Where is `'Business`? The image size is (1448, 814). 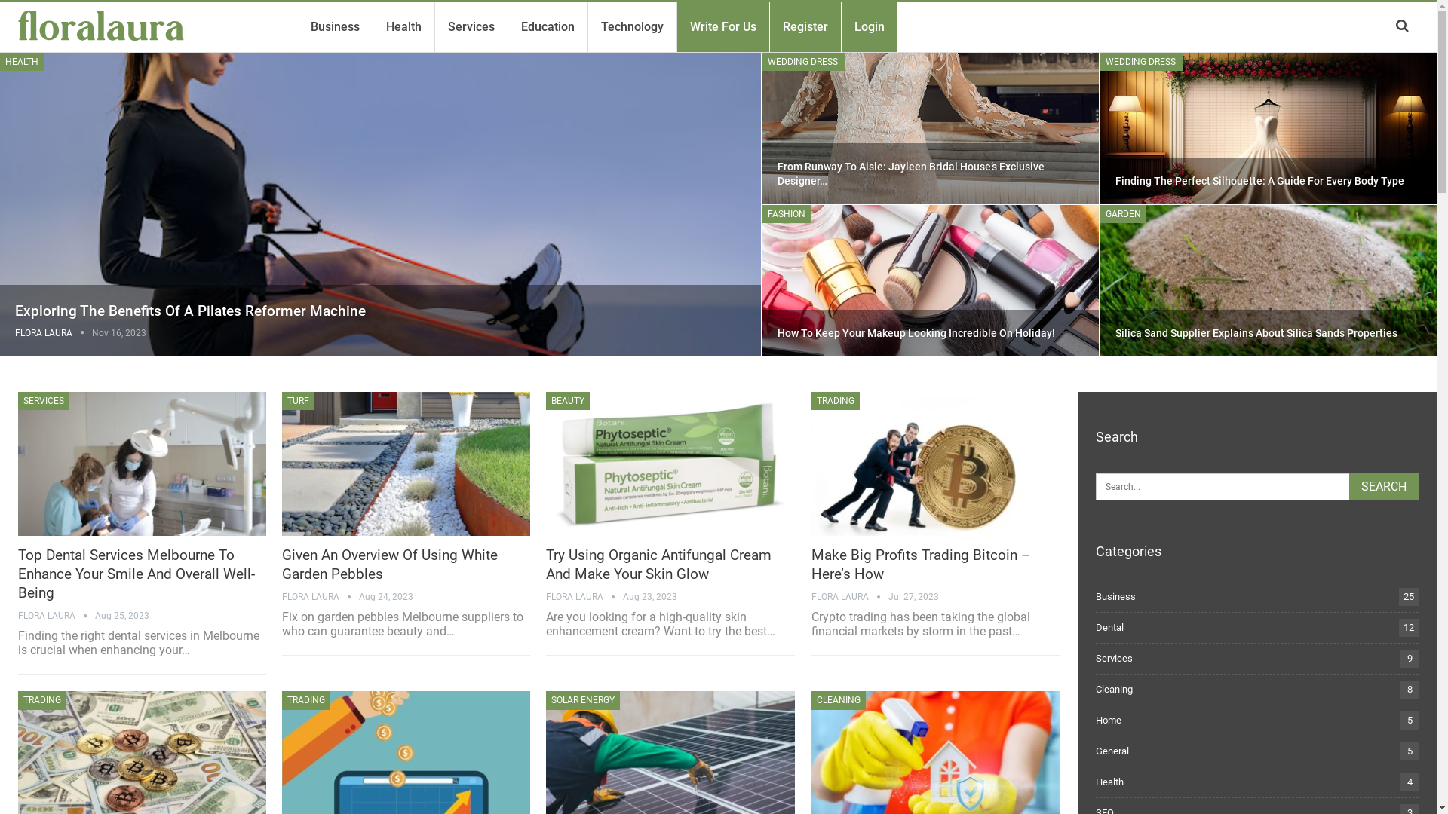
'Business is located at coordinates (1096, 595).